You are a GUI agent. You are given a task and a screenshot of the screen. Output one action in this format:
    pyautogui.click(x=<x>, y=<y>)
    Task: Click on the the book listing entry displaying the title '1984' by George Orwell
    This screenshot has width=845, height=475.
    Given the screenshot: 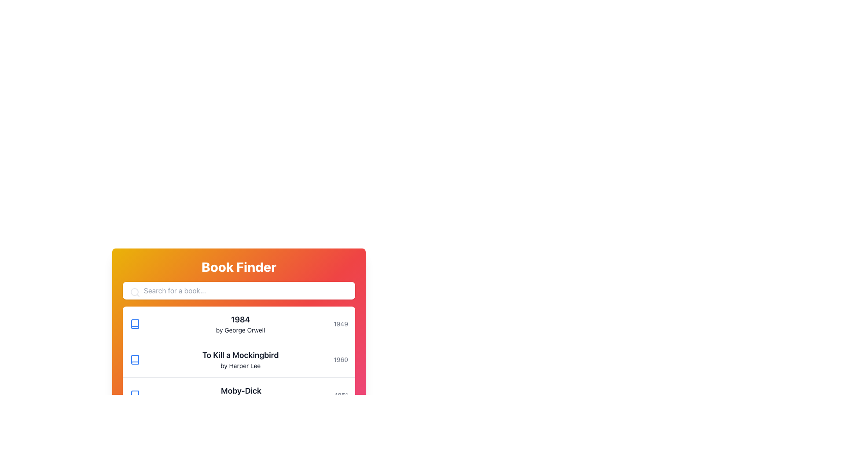 What is the action you would take?
    pyautogui.click(x=240, y=324)
    